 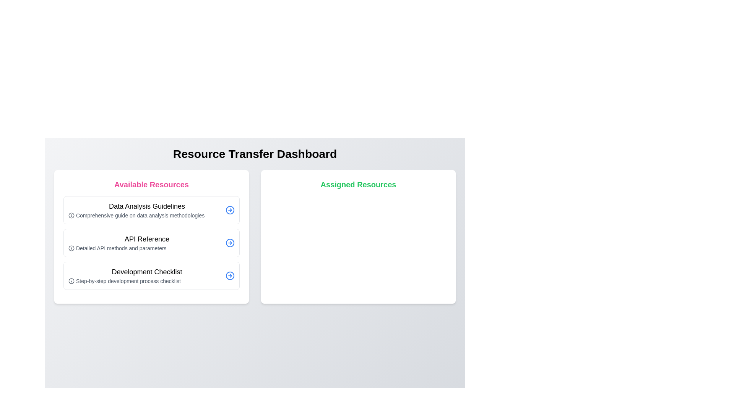 I want to click on the navigational button located to the right of the 'API Reference' entry in the 'Available Resources' list, so click(x=229, y=243).